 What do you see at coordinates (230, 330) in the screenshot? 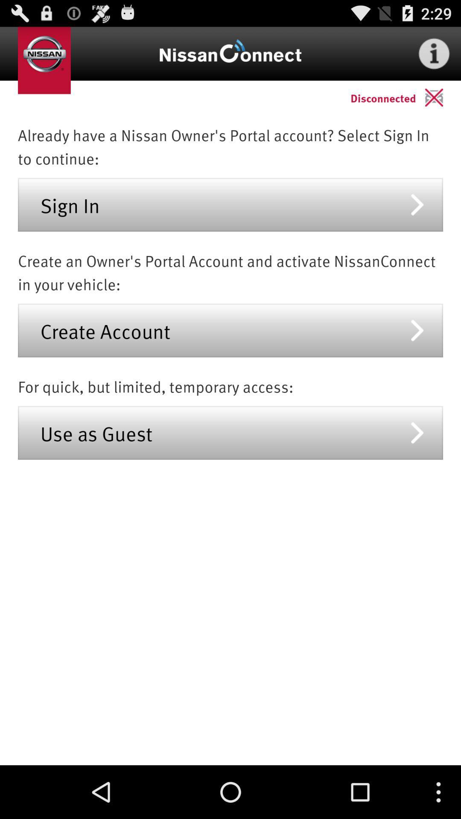
I see `second option in the page` at bounding box center [230, 330].